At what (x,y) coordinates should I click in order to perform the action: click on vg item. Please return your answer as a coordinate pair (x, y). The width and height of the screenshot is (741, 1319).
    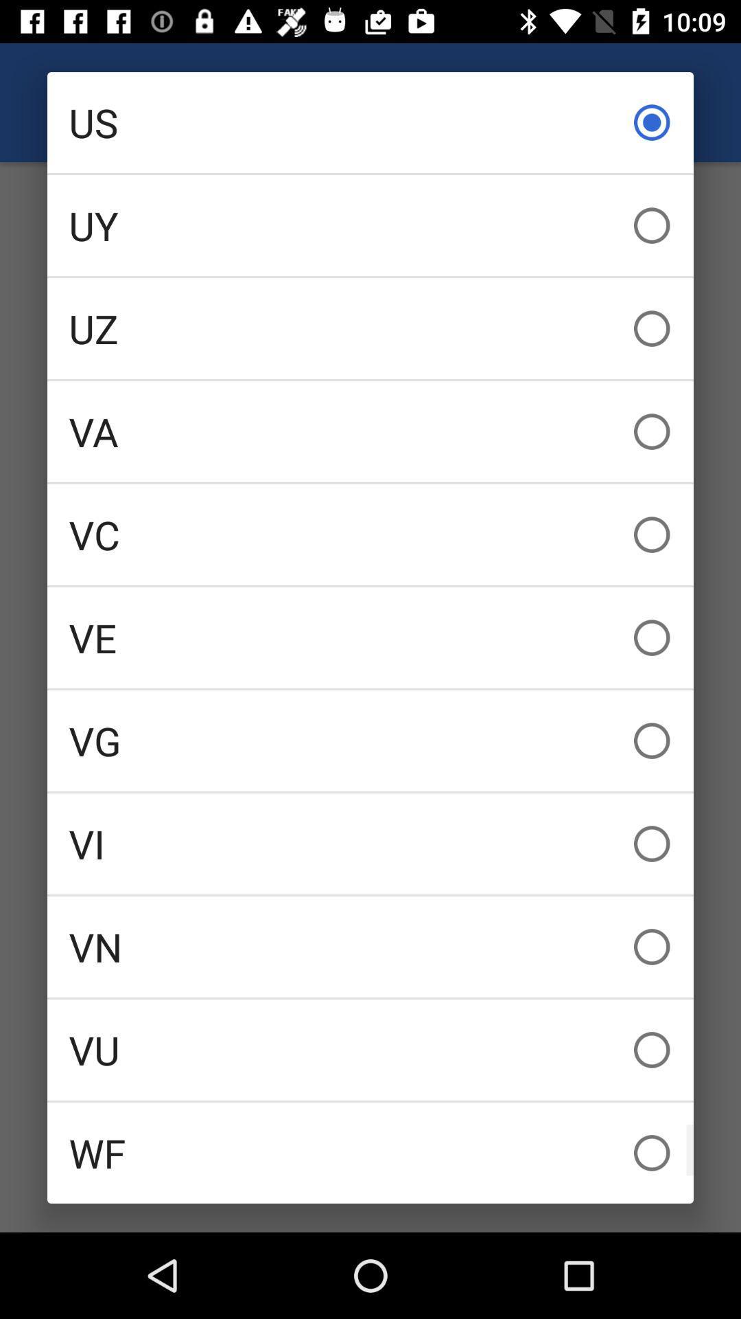
    Looking at the image, I should click on (370, 740).